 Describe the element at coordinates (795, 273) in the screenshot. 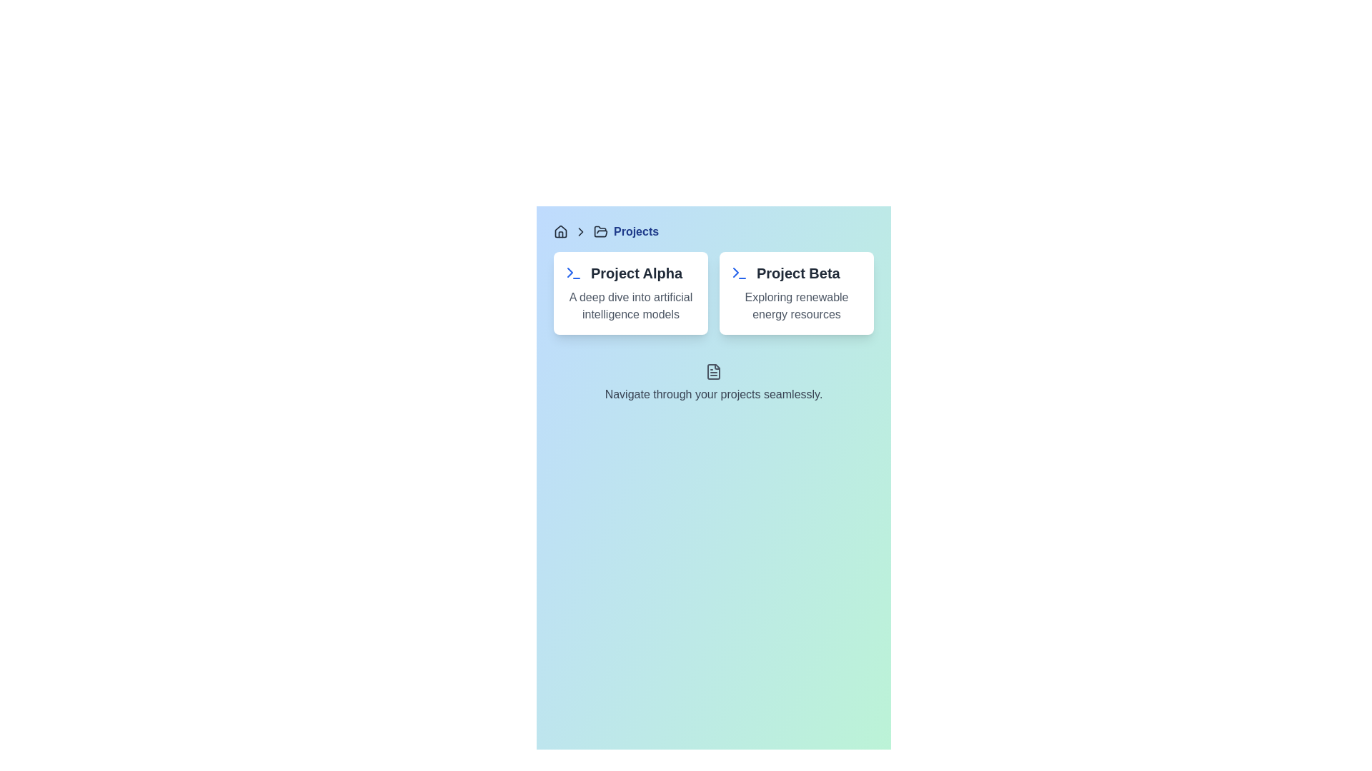

I see `the text label identified as 'Project Beta'` at that location.